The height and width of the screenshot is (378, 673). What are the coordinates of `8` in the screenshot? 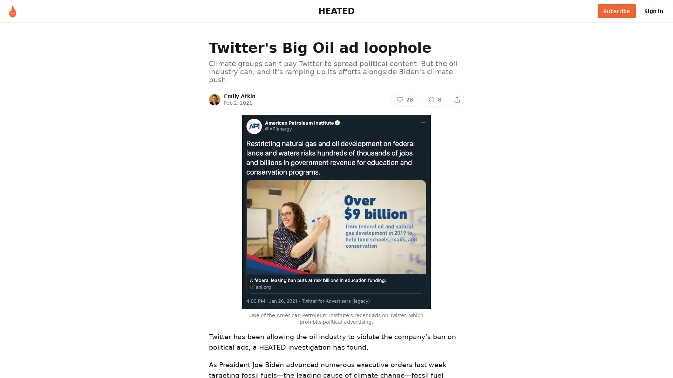 It's located at (434, 99).